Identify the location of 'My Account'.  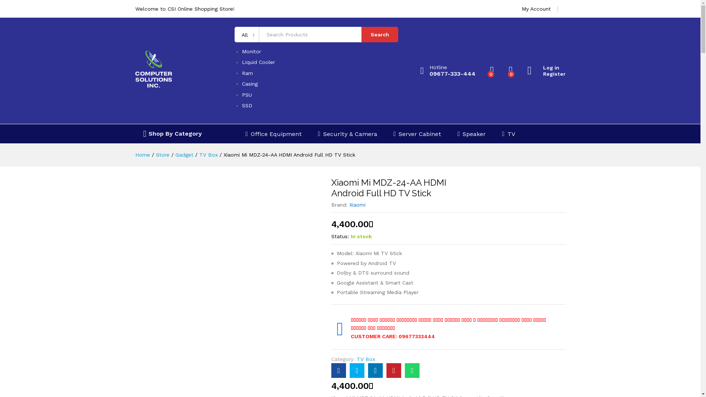
(536, 8).